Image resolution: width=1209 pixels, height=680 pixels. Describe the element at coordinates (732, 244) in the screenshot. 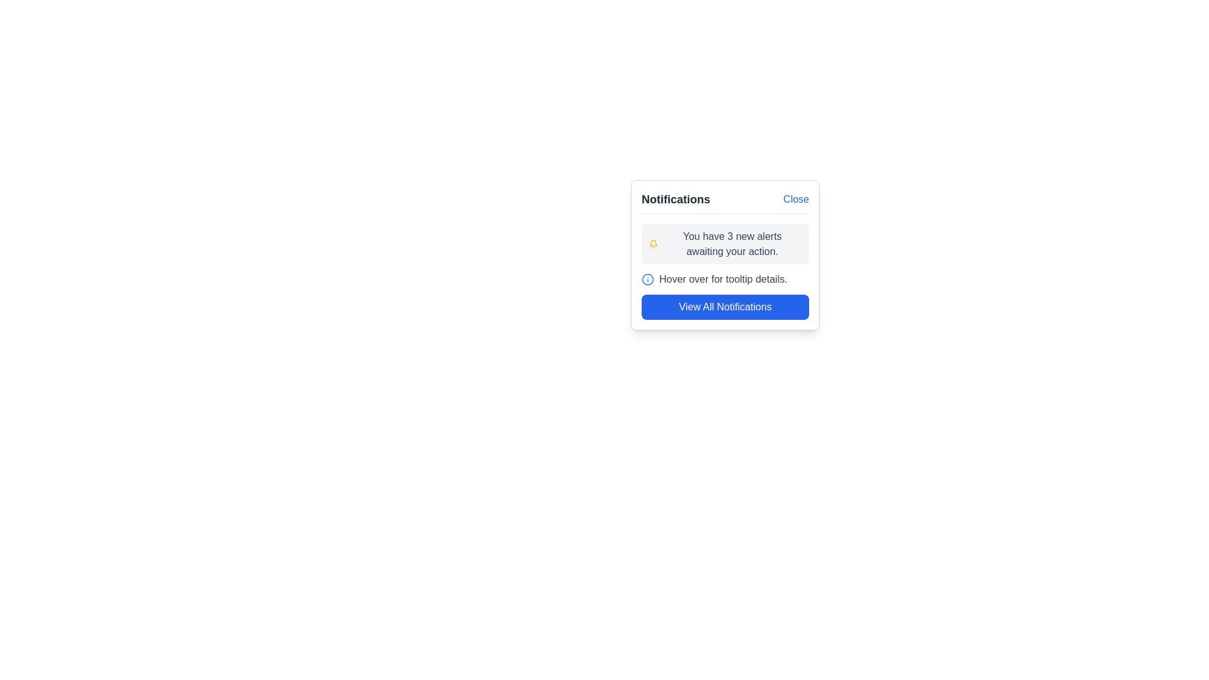

I see `the text label that reads 'You have 3 new alerts awaiting your action.' which is styled with gray text and located in the notification card to the right of the yellow bell icon` at that location.